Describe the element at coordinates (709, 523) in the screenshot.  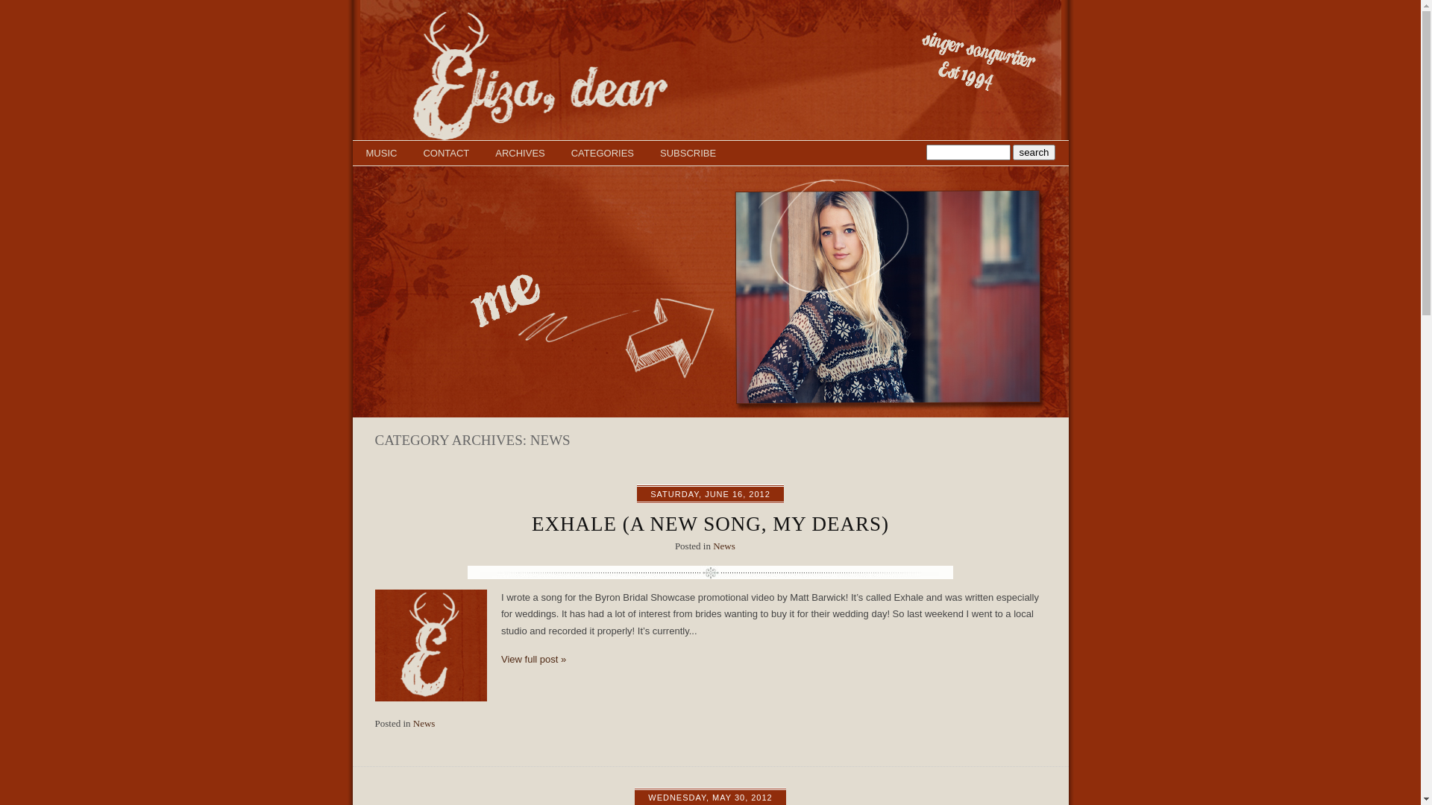
I see `'EXHALE (A NEW SONG, MY DEARS)'` at that location.